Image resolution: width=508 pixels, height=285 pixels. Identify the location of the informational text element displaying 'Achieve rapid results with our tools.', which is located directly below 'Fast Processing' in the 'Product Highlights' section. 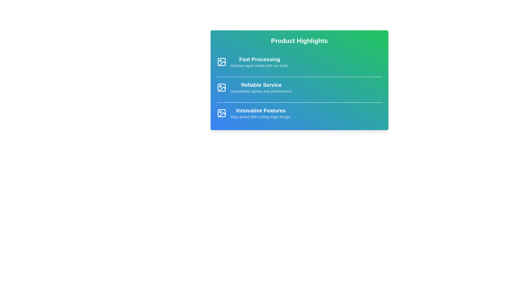
(260, 65).